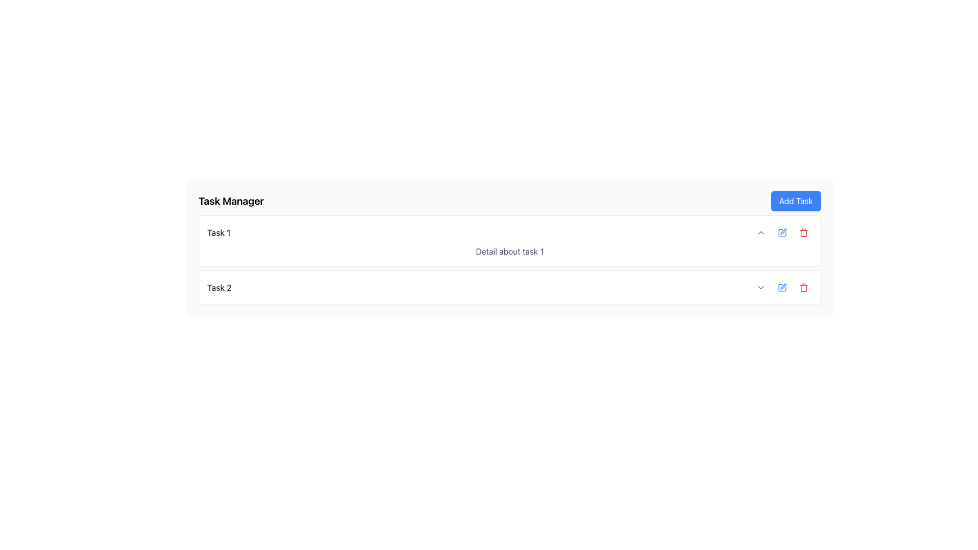 The height and width of the screenshot is (550, 978). Describe the element at coordinates (803, 232) in the screenshot. I see `the deletion button located in the rightmost section of the first task row to trigger a tooltip or visual feedback` at that location.